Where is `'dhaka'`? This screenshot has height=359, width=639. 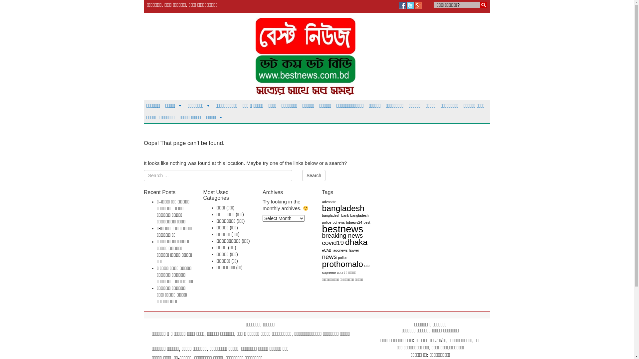 'dhaka' is located at coordinates (356, 242).